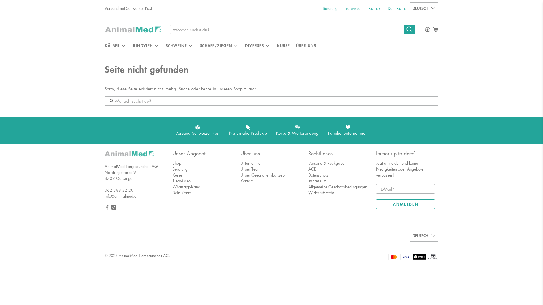  What do you see at coordinates (247, 181) in the screenshot?
I see `'Kontakt'` at bounding box center [247, 181].